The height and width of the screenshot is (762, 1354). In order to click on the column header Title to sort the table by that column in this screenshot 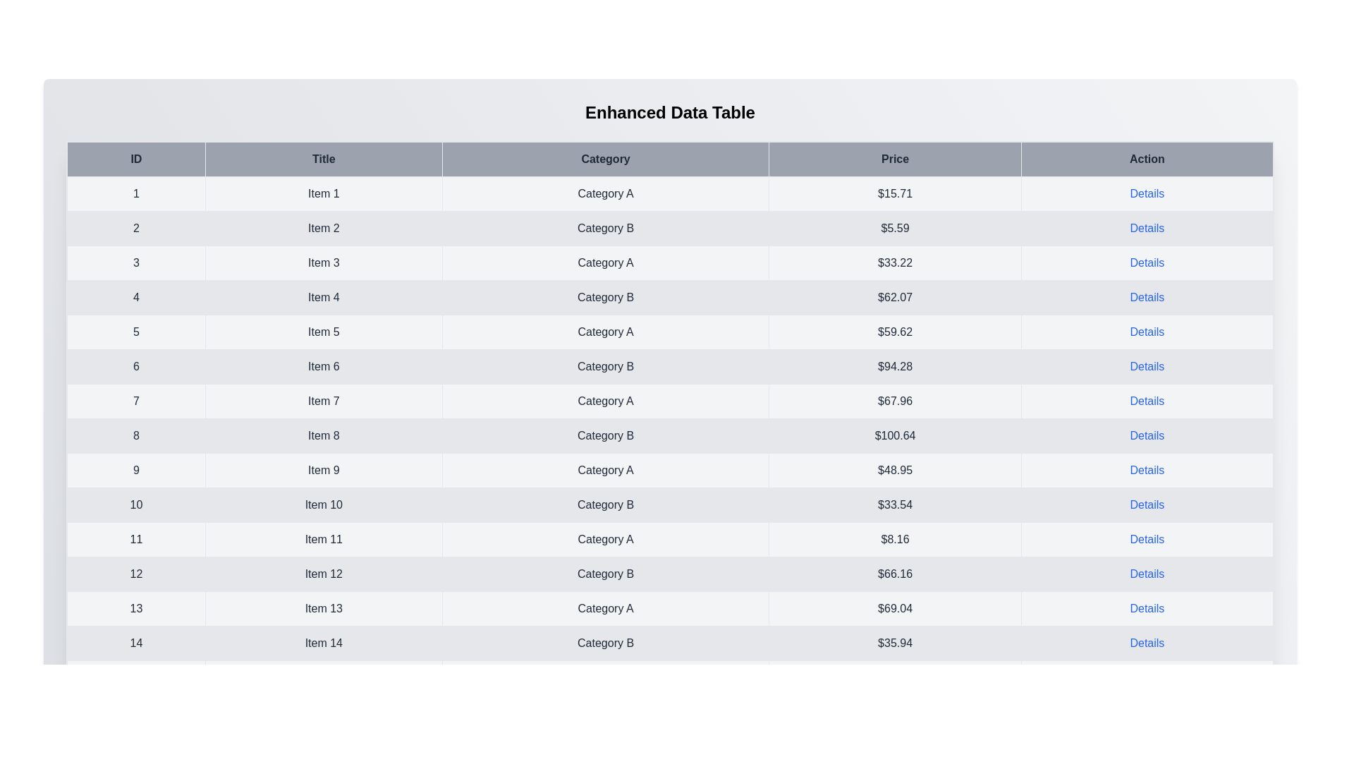, I will do `click(323, 159)`.